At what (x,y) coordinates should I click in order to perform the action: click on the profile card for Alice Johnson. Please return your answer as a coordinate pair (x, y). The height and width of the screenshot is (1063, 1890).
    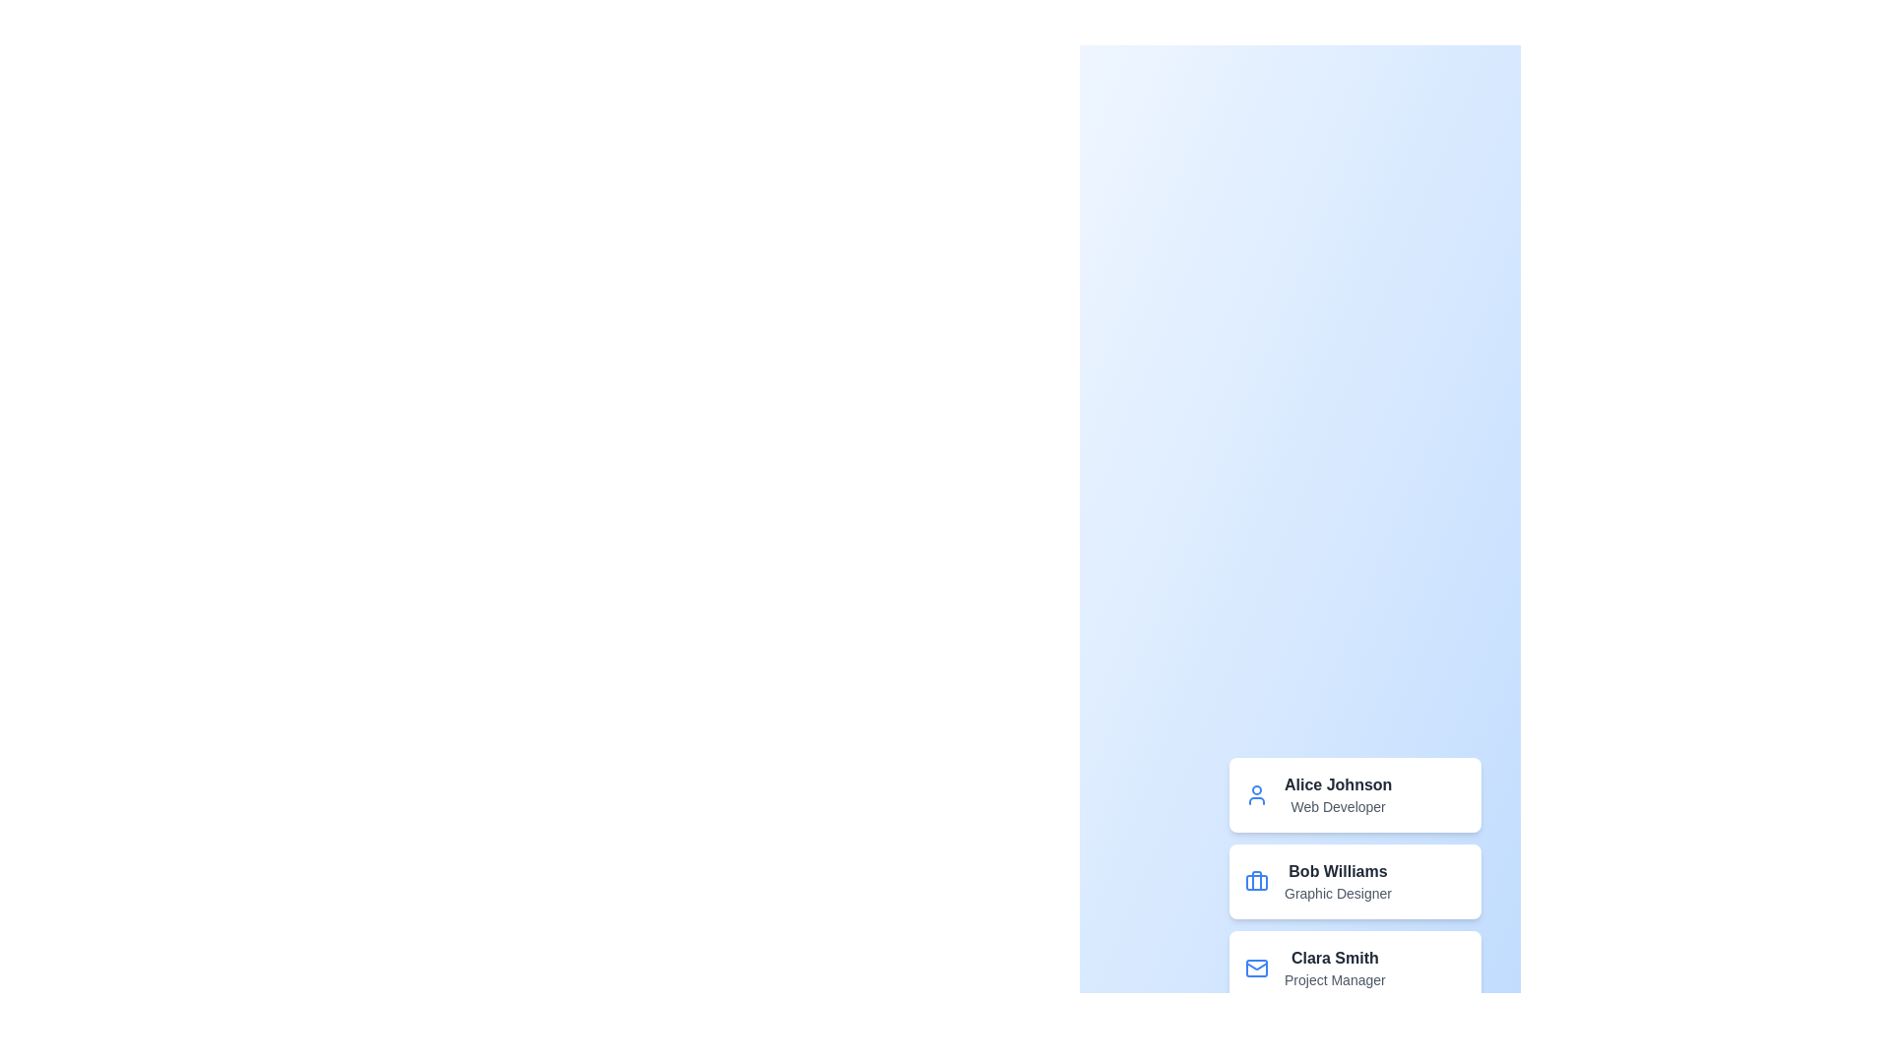
    Looking at the image, I should click on (1354, 793).